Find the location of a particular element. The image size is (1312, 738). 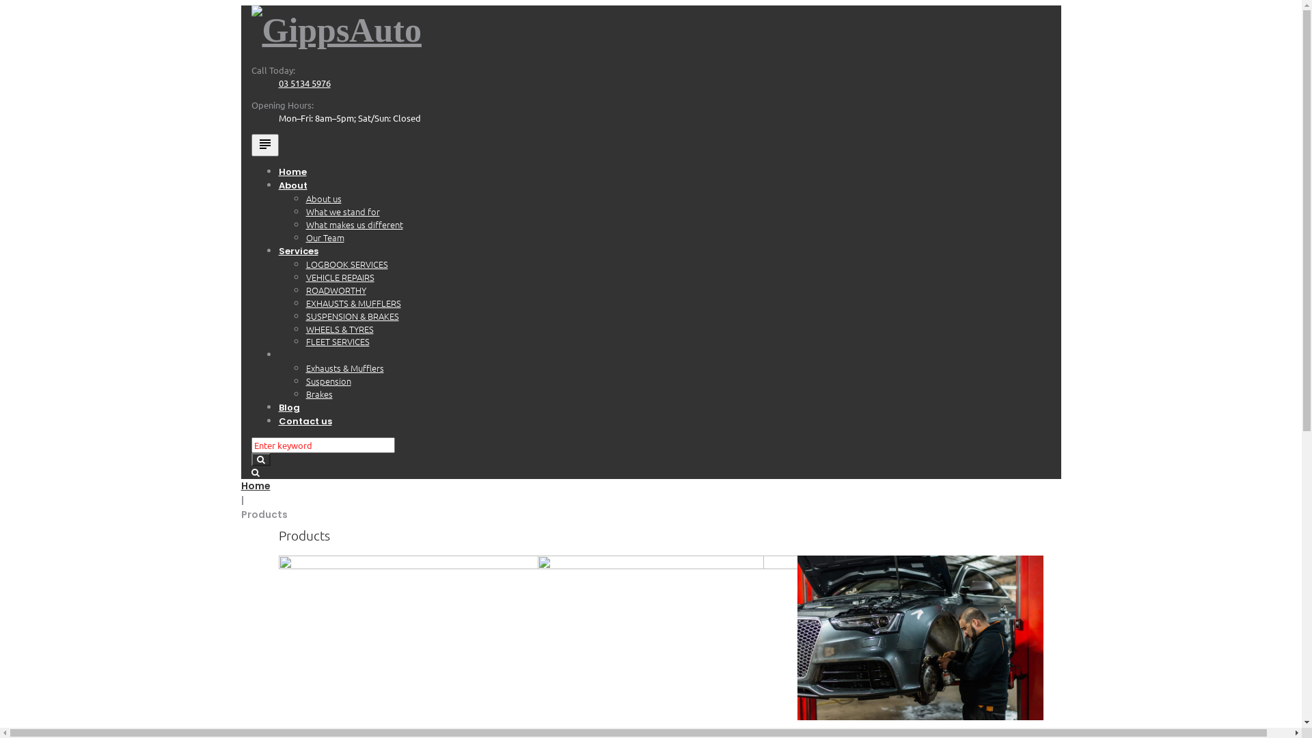

'Contact us' is located at coordinates (278, 420).